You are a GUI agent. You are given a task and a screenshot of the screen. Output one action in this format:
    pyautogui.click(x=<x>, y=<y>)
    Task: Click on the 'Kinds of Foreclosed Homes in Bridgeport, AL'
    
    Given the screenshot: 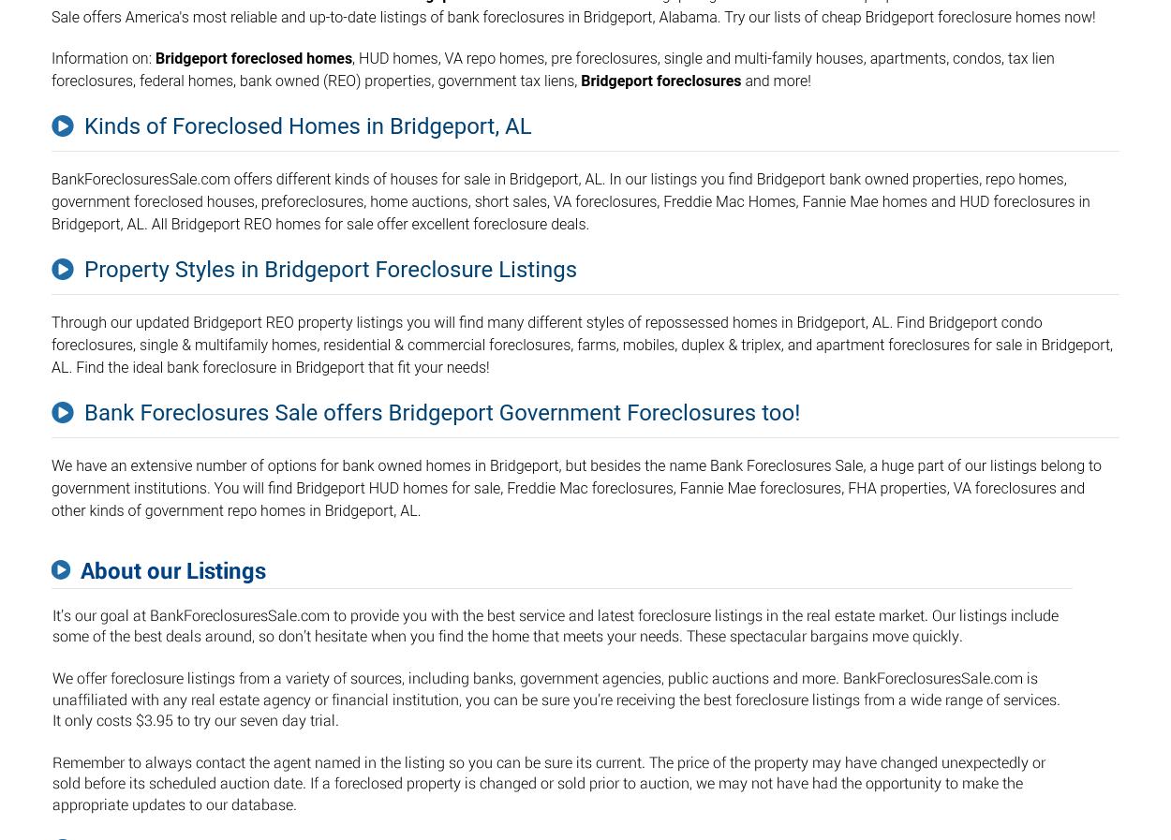 What is the action you would take?
    pyautogui.click(x=306, y=125)
    